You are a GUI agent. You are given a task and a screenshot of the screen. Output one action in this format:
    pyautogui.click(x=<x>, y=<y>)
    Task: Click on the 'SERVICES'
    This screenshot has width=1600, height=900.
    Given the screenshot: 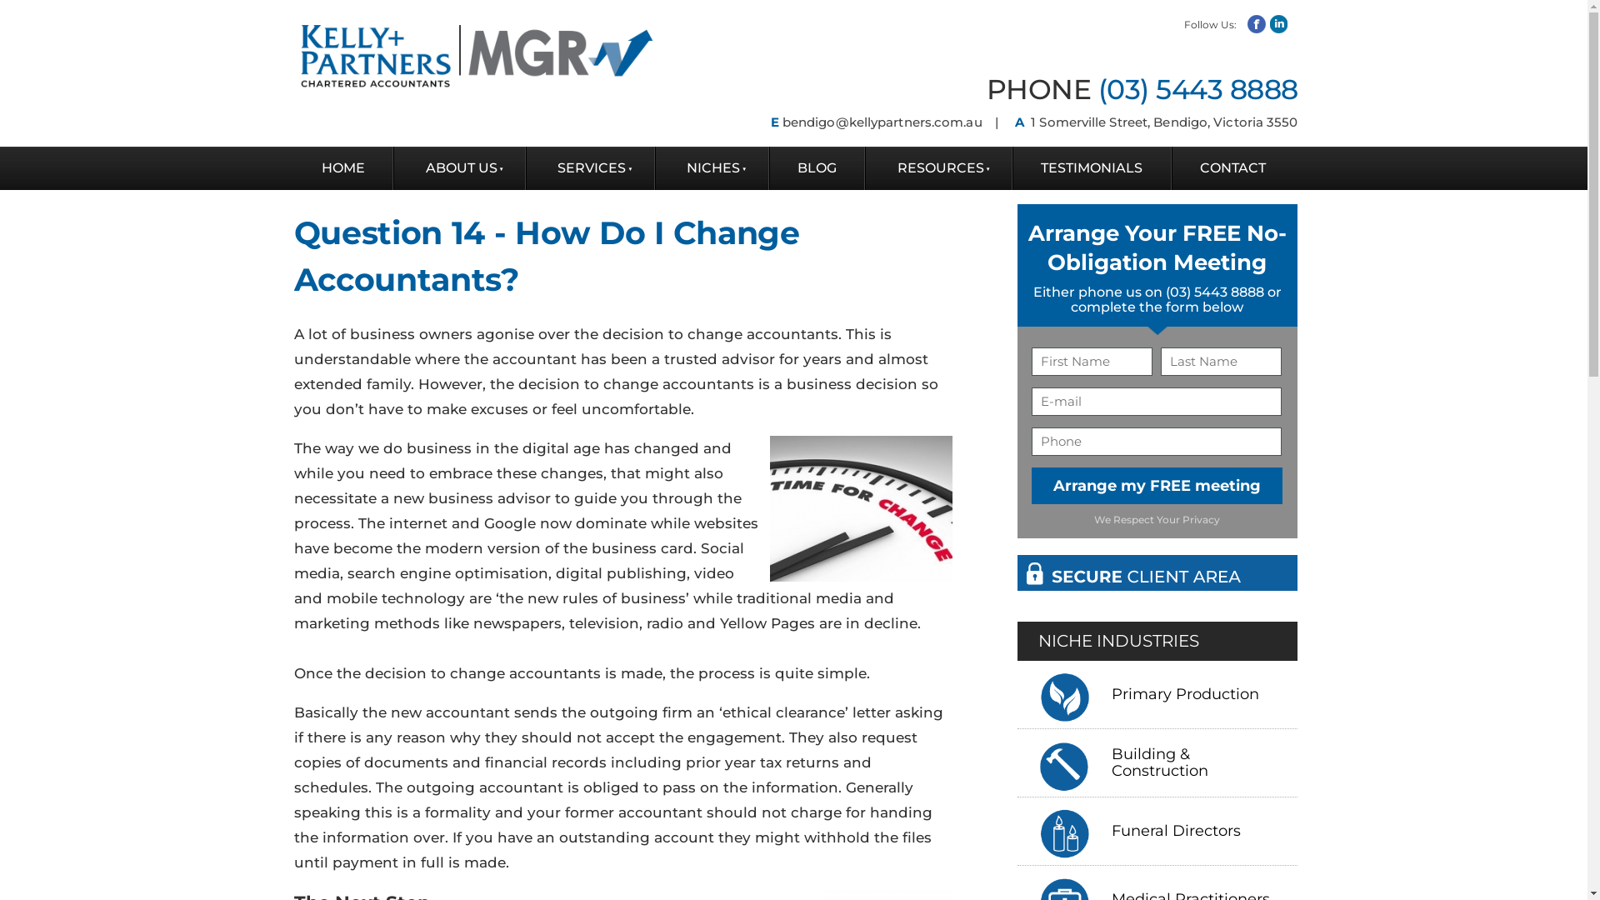 What is the action you would take?
    pyautogui.click(x=526, y=167)
    